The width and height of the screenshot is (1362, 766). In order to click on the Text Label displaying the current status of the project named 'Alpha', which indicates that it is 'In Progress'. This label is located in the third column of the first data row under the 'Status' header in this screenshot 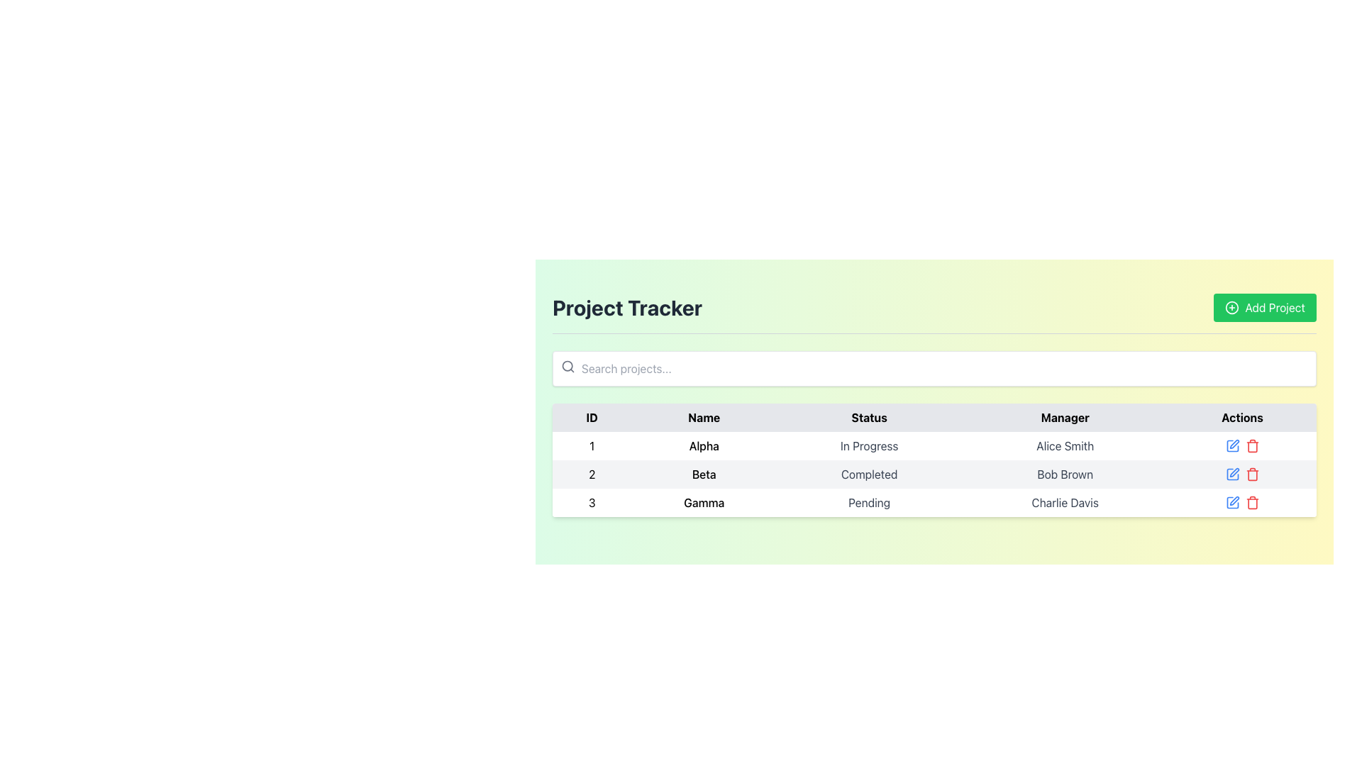, I will do `click(868, 445)`.